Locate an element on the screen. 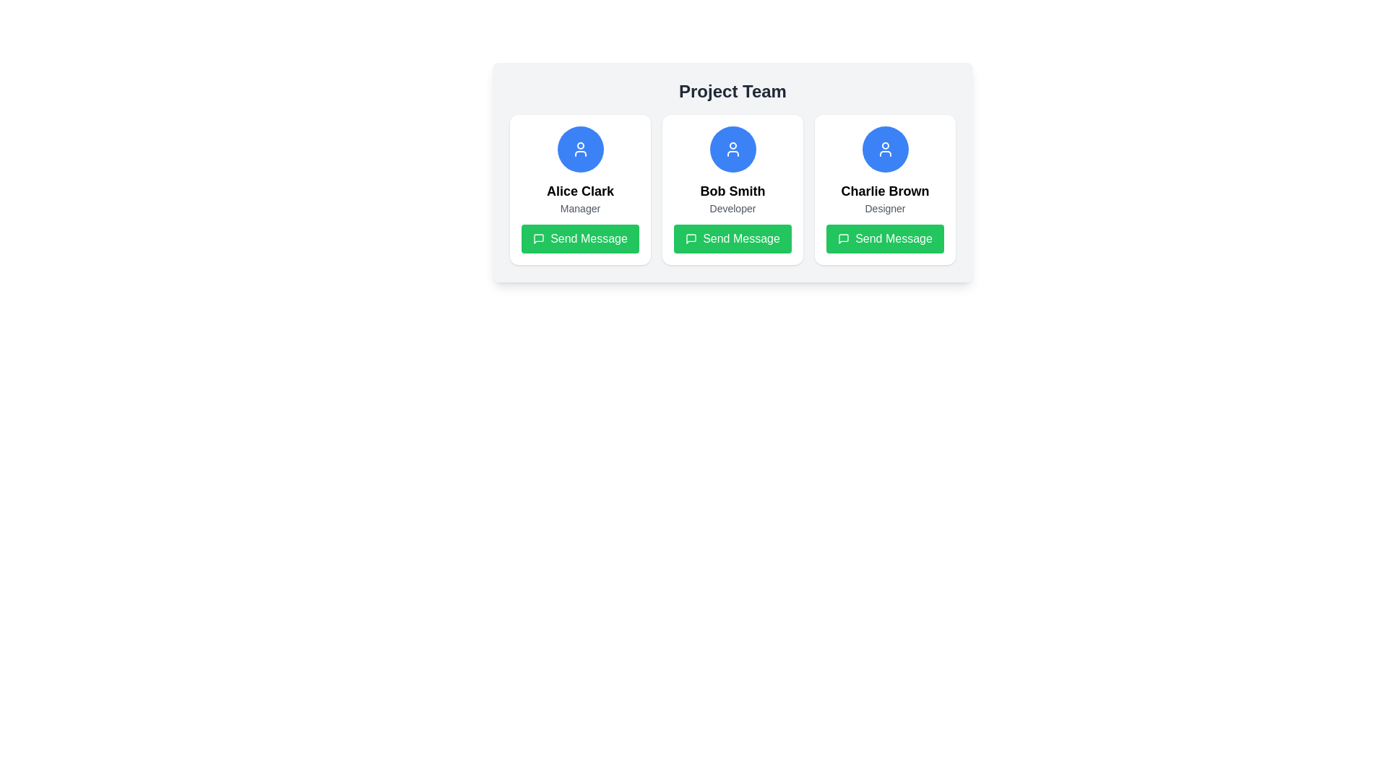  the avatar representing 'Alice Clark', located in the top left card, above the name and role is located at coordinates (580, 149).